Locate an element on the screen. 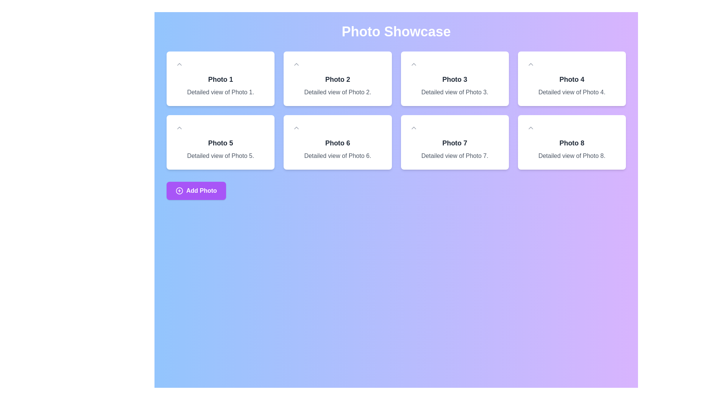  the visual and textual card that provides a brief summary of Photo 4, which is the fourth card in the first row of the grid layout is located at coordinates (572, 79).